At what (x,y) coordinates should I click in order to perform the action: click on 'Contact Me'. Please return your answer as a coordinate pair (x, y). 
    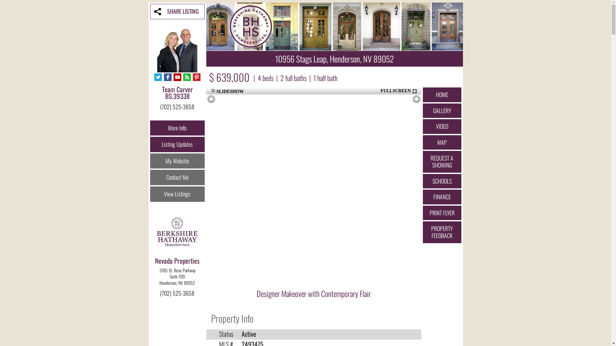
    Looking at the image, I should click on (177, 177).